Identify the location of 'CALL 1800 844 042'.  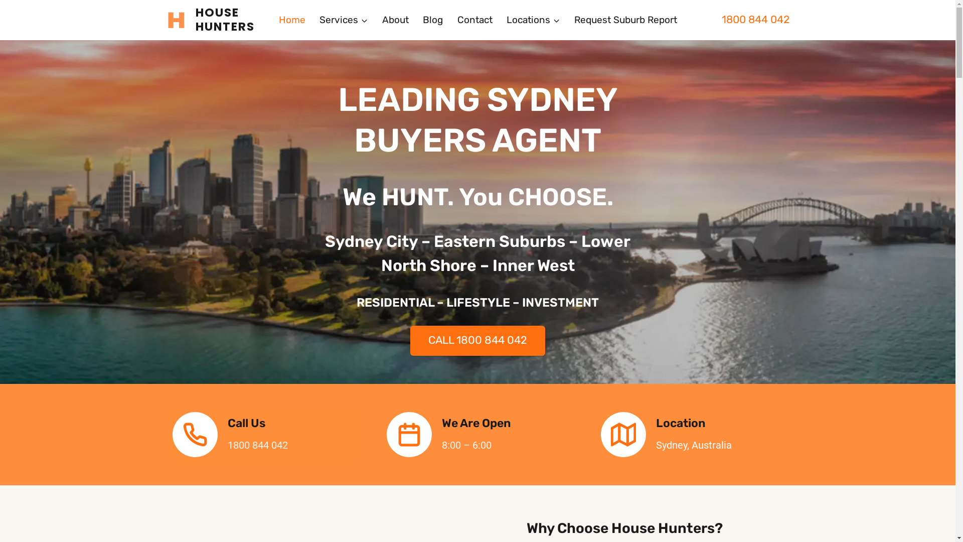
(477, 340).